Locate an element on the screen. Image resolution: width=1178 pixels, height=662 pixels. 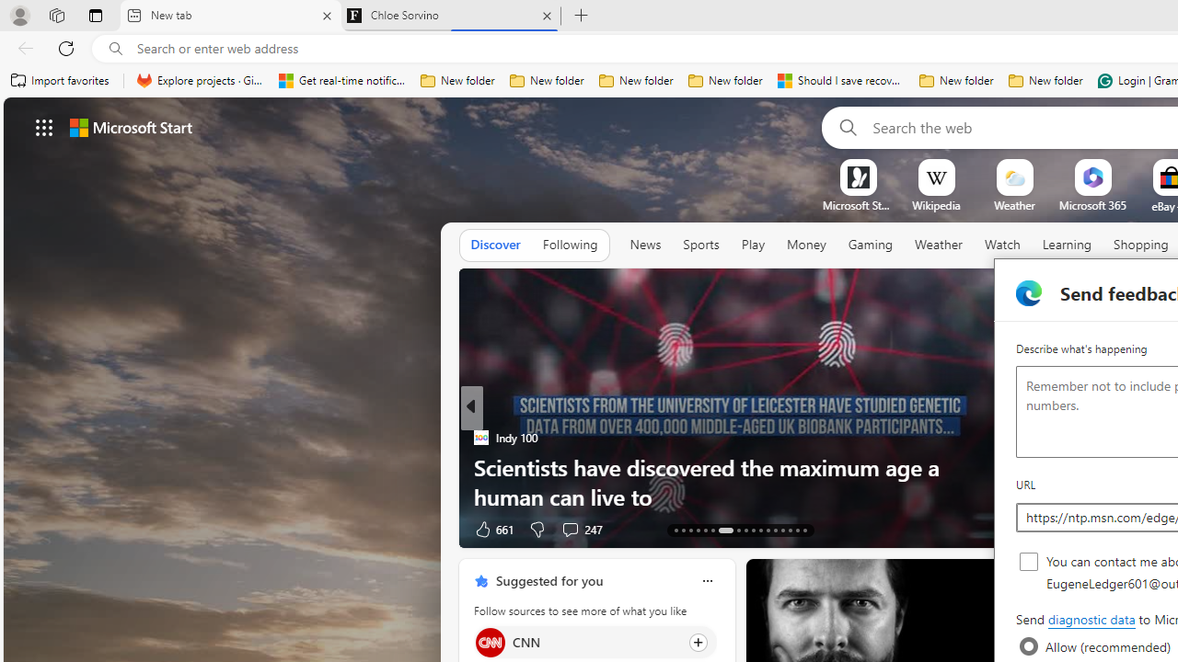
'Learning' is located at coordinates (1067, 244).